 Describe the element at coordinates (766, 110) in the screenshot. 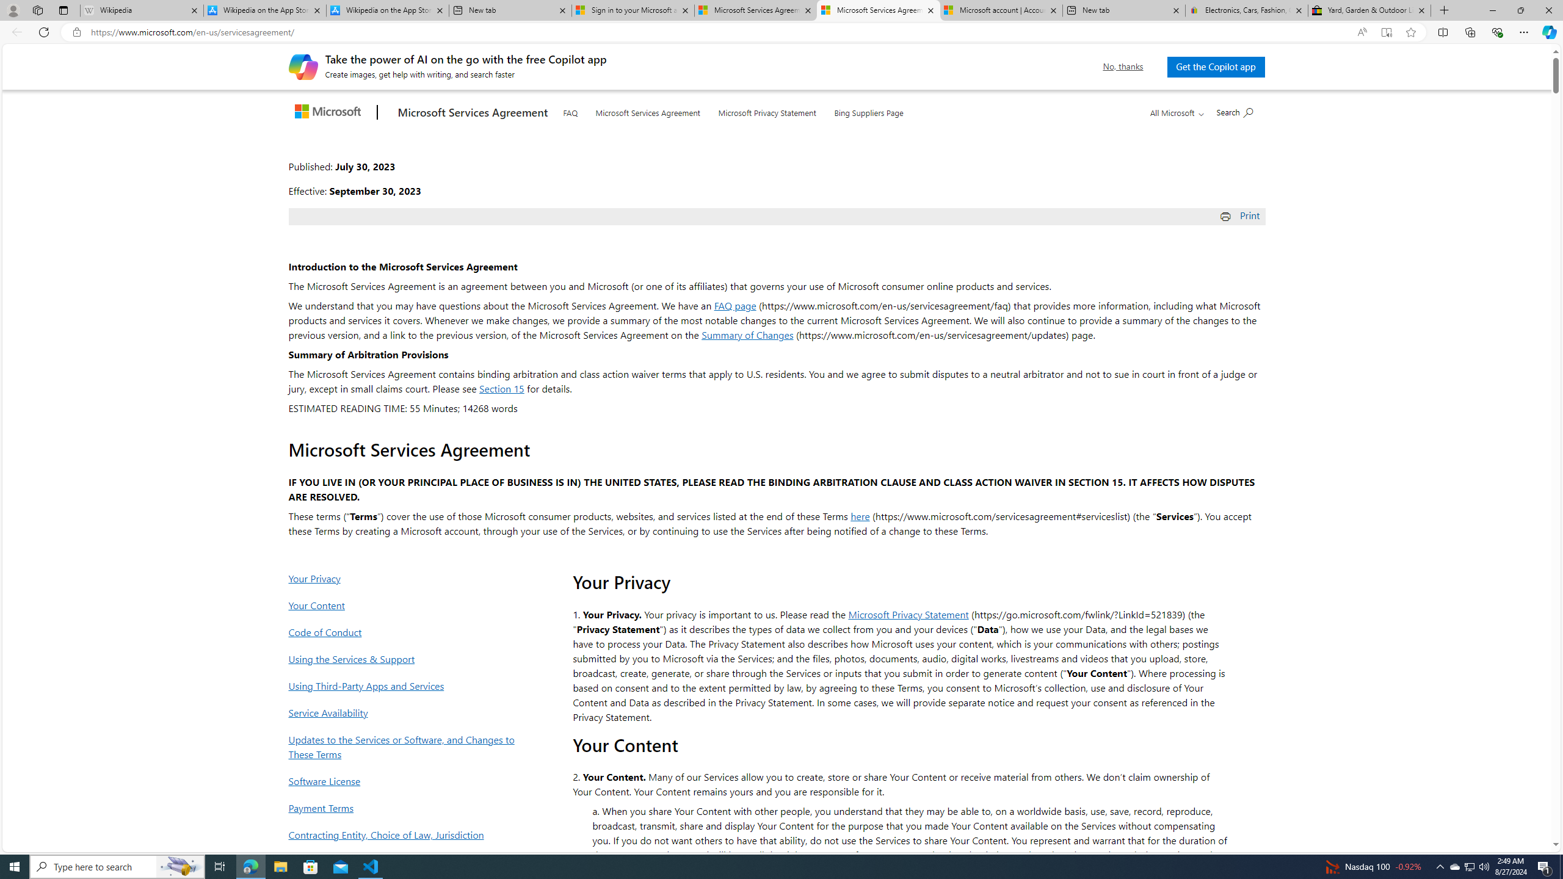

I see `'Microsoft Privacy Statement'` at that location.